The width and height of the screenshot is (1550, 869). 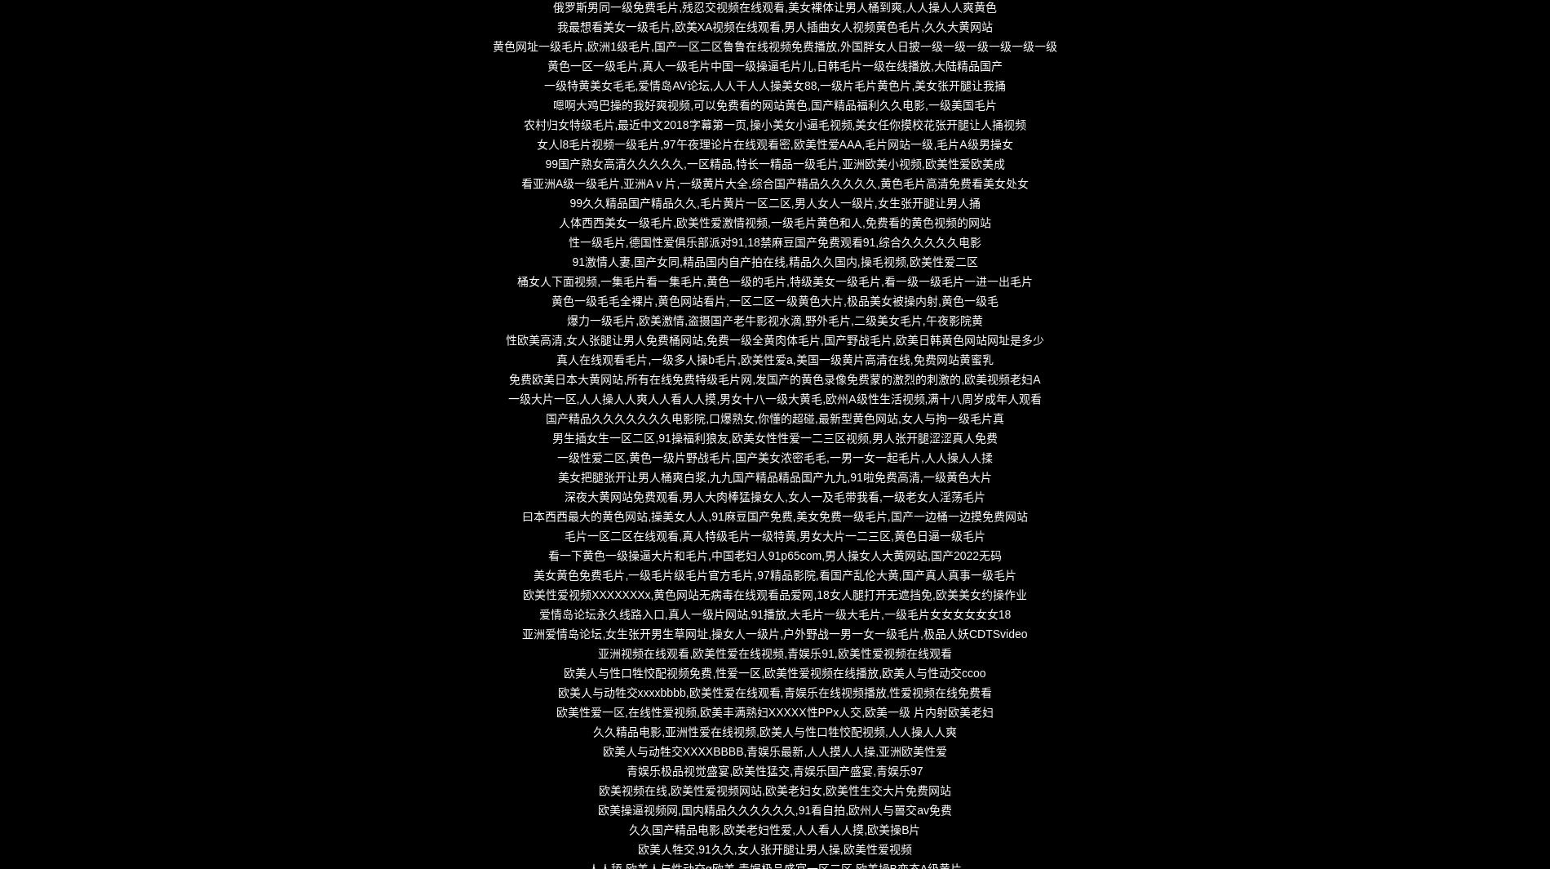 I want to click on '一级大片一区,人人操人人爽人人看人人摸,男女十八一级大黄毛,欧州A级性生活视频,满十八周岁成年人观看', so click(x=507, y=398).